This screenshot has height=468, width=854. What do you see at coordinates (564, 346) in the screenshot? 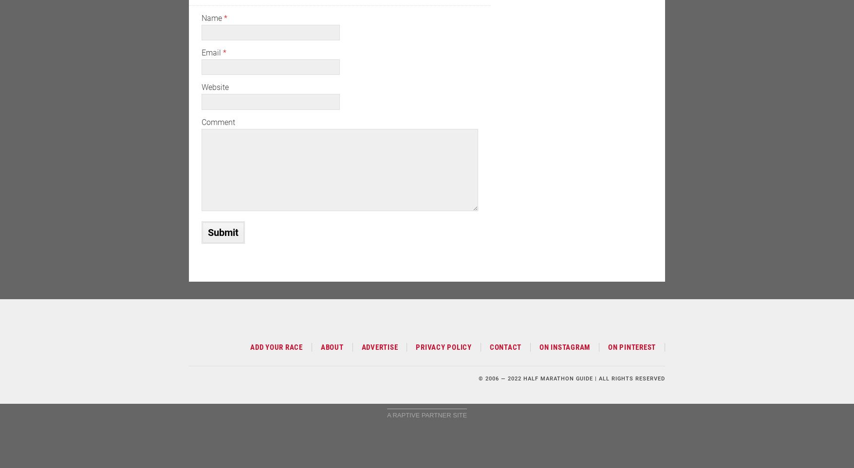
I see `'On Instagram'` at bounding box center [564, 346].